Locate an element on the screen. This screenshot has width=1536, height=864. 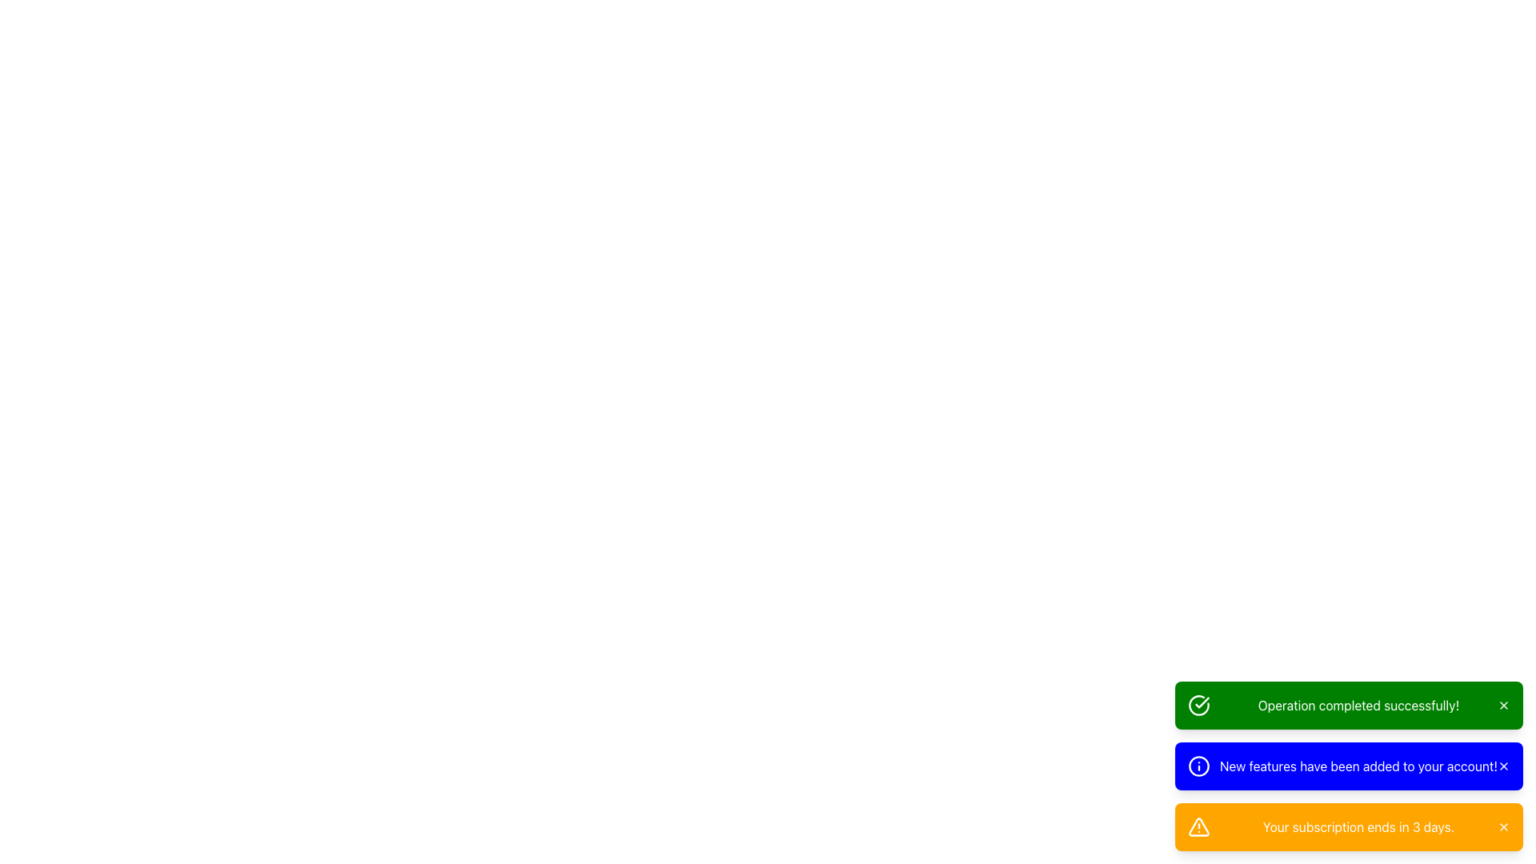
the triangular warning icon with an exclamation symbol in the center, located in the left part of the orange notification bar that states 'Your subscription ends in 3 days.' is located at coordinates (1198, 826).